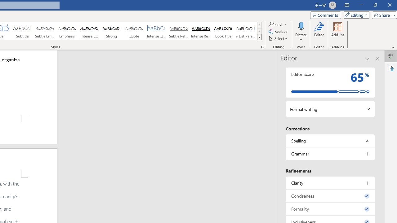 The width and height of the screenshot is (397, 223). Describe the element at coordinates (330, 209) in the screenshot. I see `'Formality, 0 issues. Press space or enter to review items.'` at that location.